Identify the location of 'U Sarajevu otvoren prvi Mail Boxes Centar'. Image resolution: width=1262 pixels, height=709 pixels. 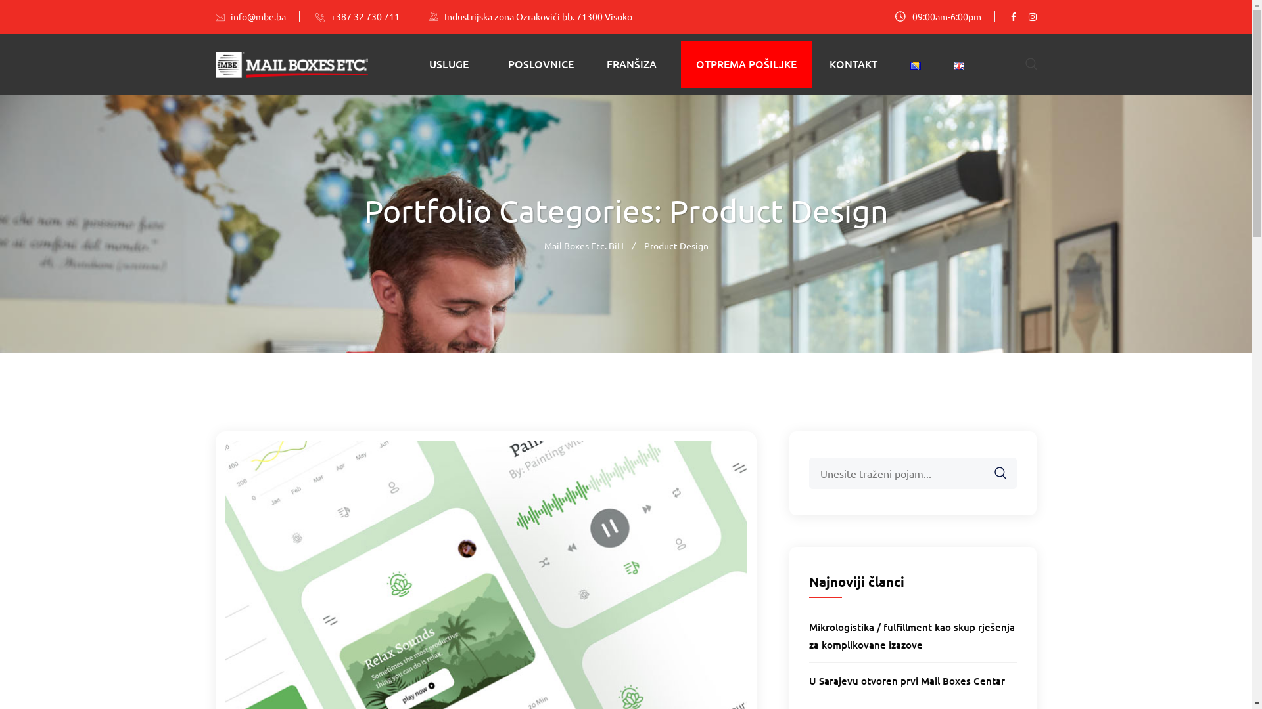
(906, 680).